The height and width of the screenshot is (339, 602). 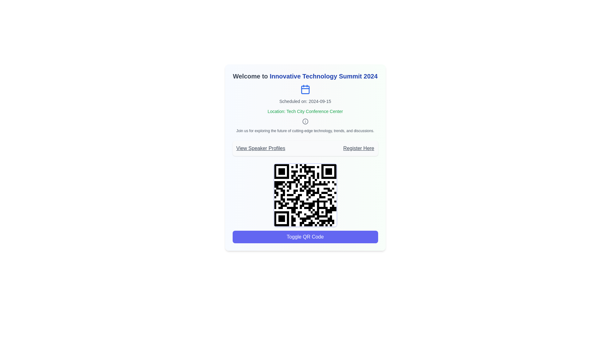 What do you see at coordinates (305, 89) in the screenshot?
I see `calendar icon located directly below the title 'Welcome to Innovative Technology Summit 2024' and above the text 'Scheduled on: 2024-09-15'` at bounding box center [305, 89].